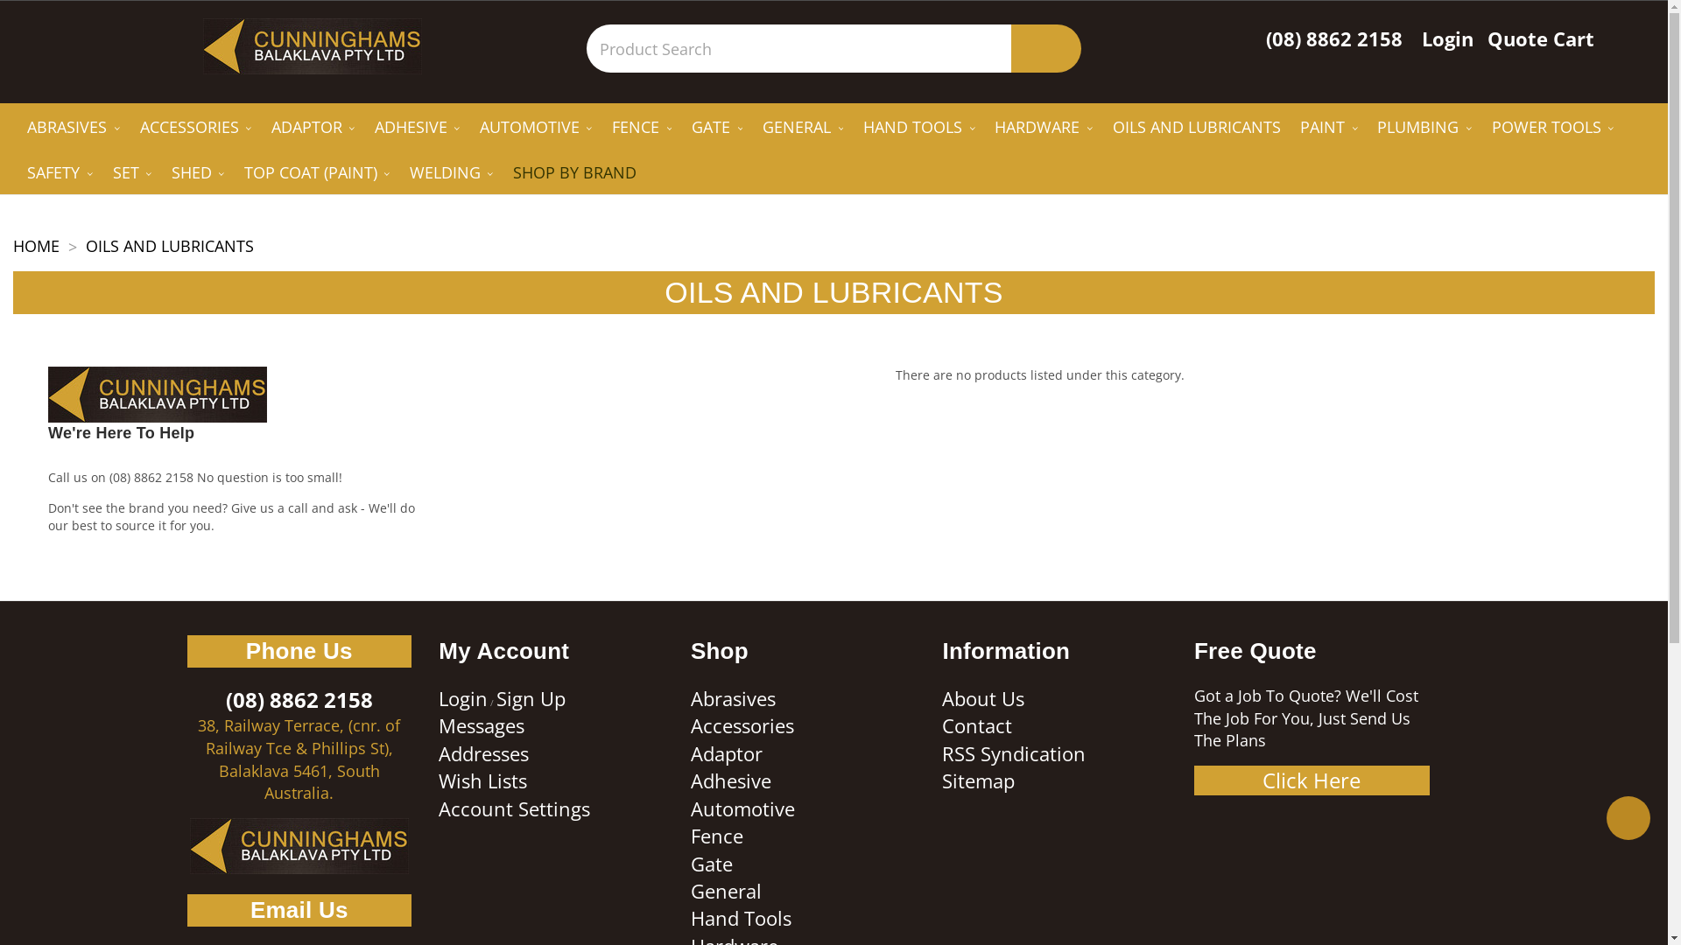 The image size is (1681, 945). I want to click on 'GENERAL', so click(802, 128).